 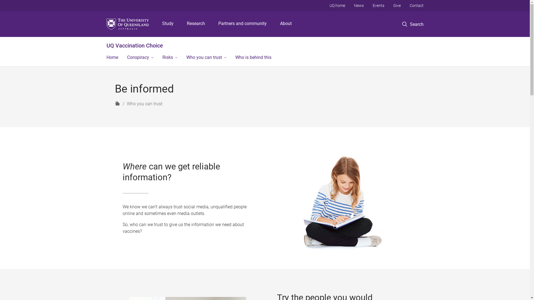 What do you see at coordinates (167, 24) in the screenshot?
I see `'Study'` at bounding box center [167, 24].